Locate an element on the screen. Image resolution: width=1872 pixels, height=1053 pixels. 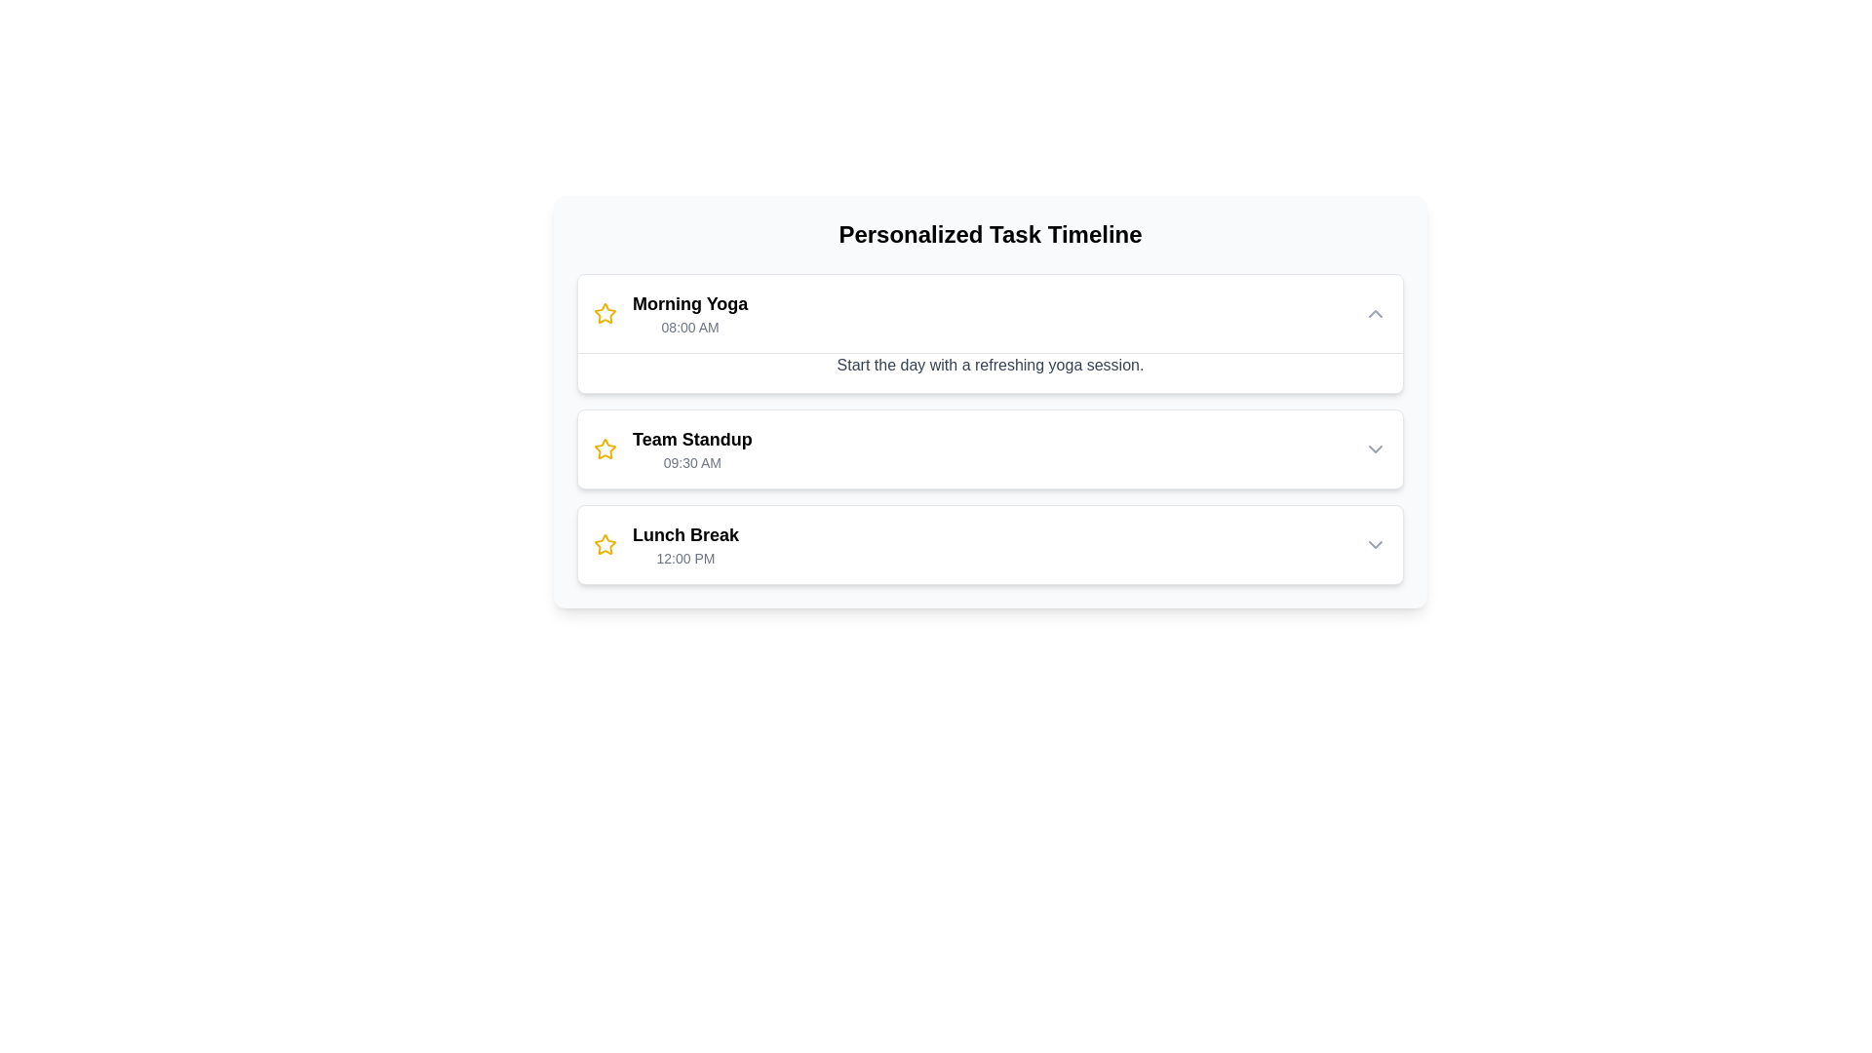
the 'Team Standup' text label with a timestamp is located at coordinates (692, 449).